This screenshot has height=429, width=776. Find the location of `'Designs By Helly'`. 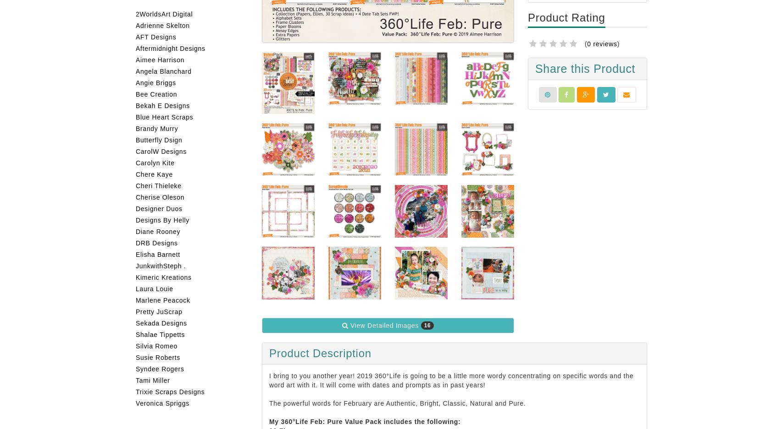

'Designs By Helly' is located at coordinates (135, 220).